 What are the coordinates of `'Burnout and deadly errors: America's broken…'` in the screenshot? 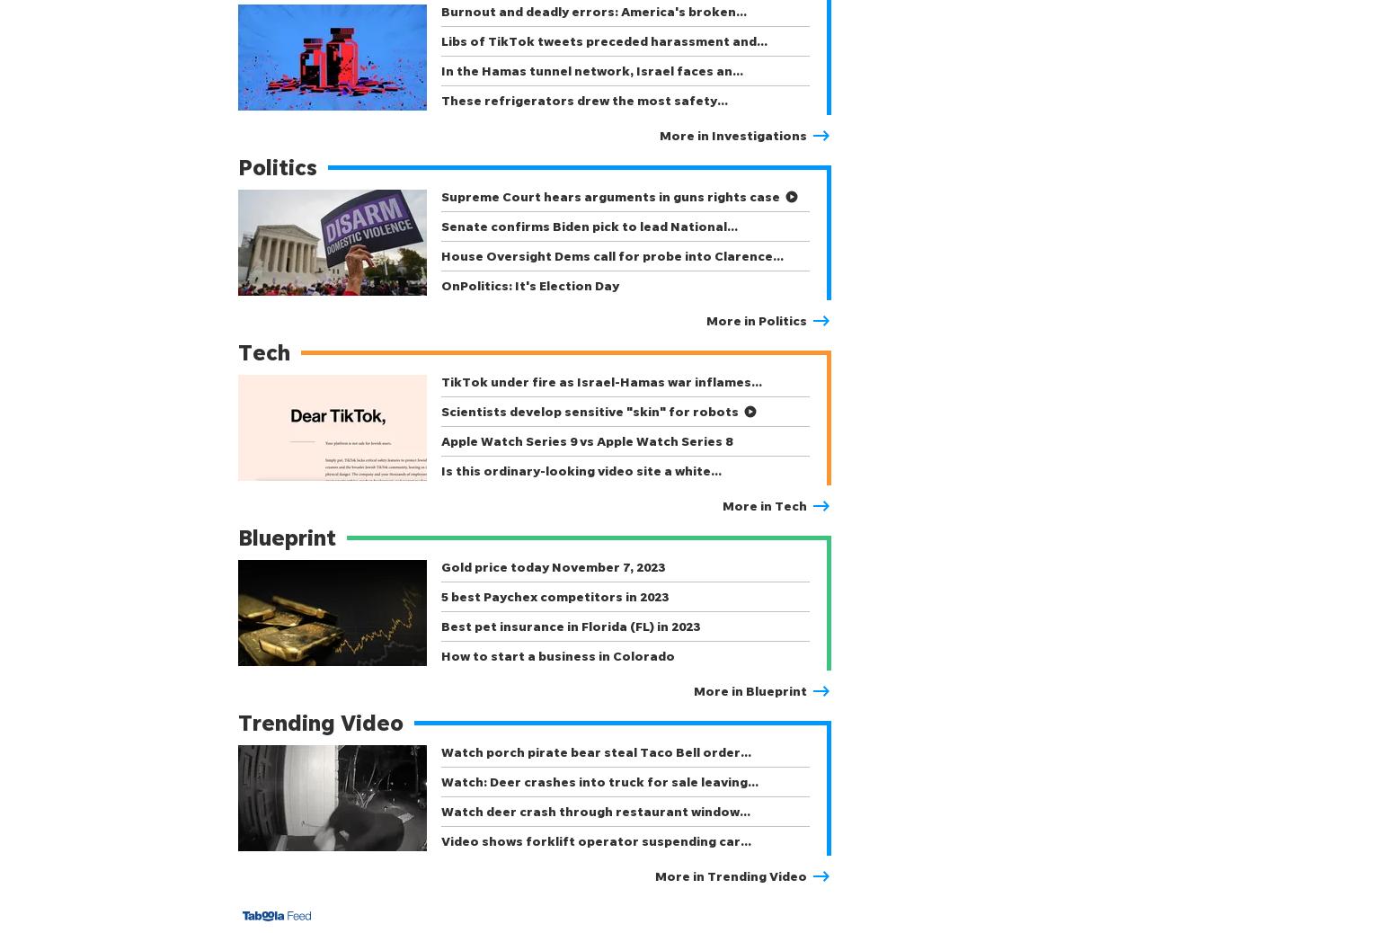 It's located at (593, 10).